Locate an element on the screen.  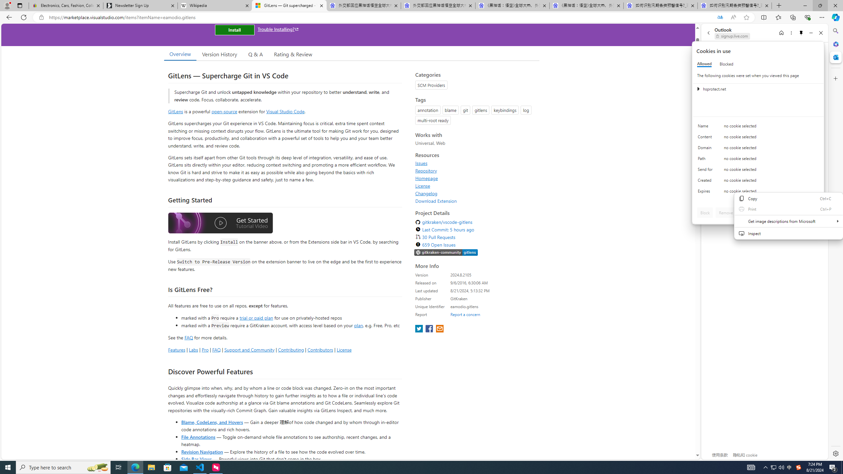
'Block' is located at coordinates (705, 213).